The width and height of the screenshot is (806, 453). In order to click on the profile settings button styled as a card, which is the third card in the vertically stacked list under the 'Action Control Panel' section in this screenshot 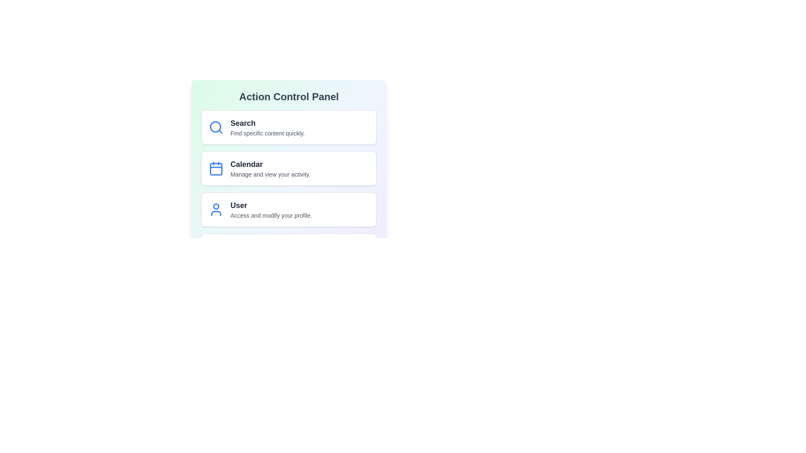, I will do `click(289, 209)`.